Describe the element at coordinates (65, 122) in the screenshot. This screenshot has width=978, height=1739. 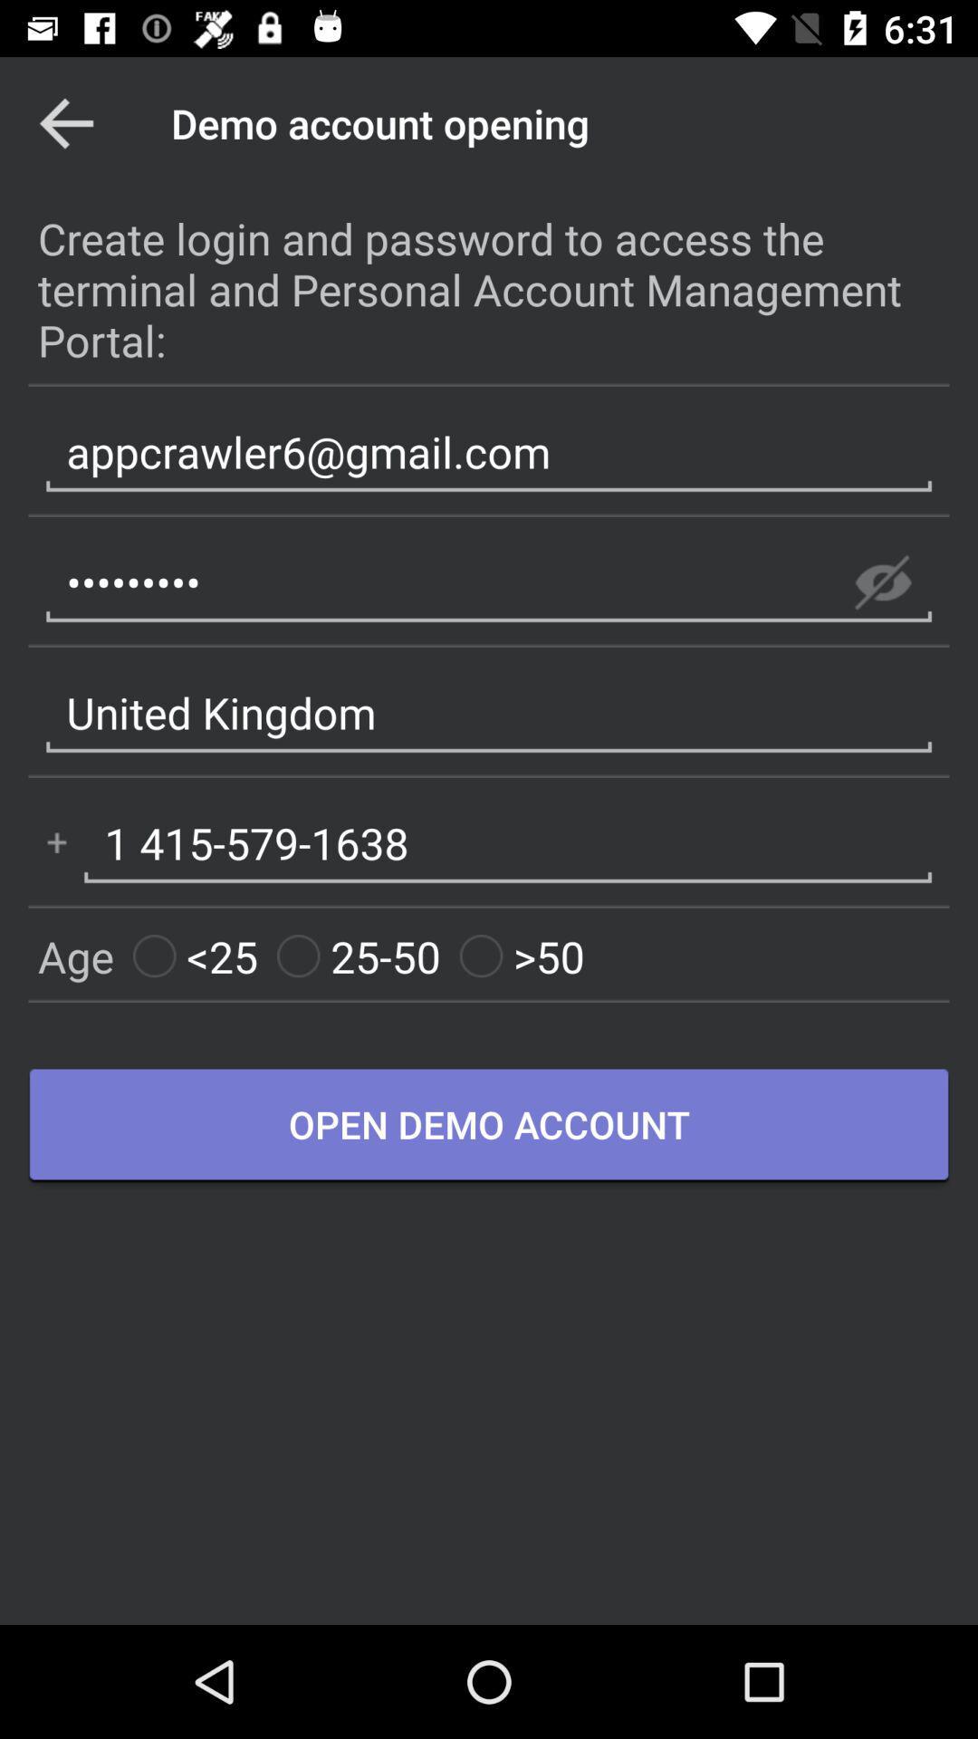
I see `the item above the create login and item` at that location.